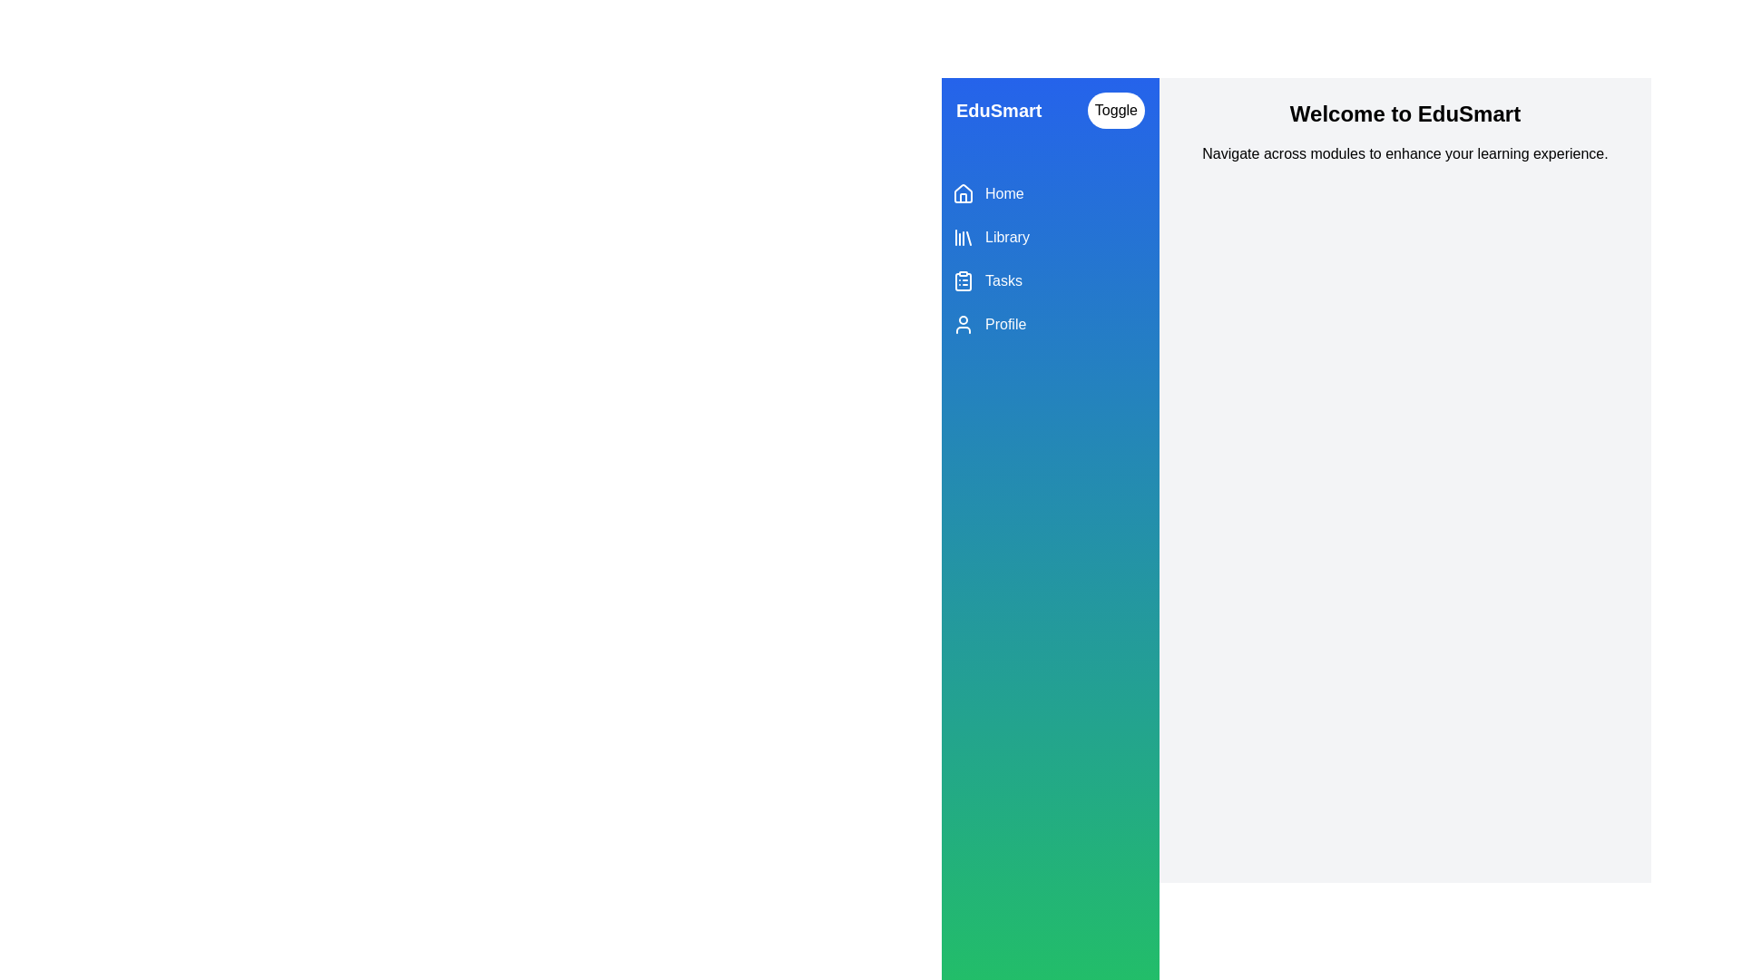  Describe the element at coordinates (1050, 324) in the screenshot. I see `the Profile item in the drawer menu` at that location.